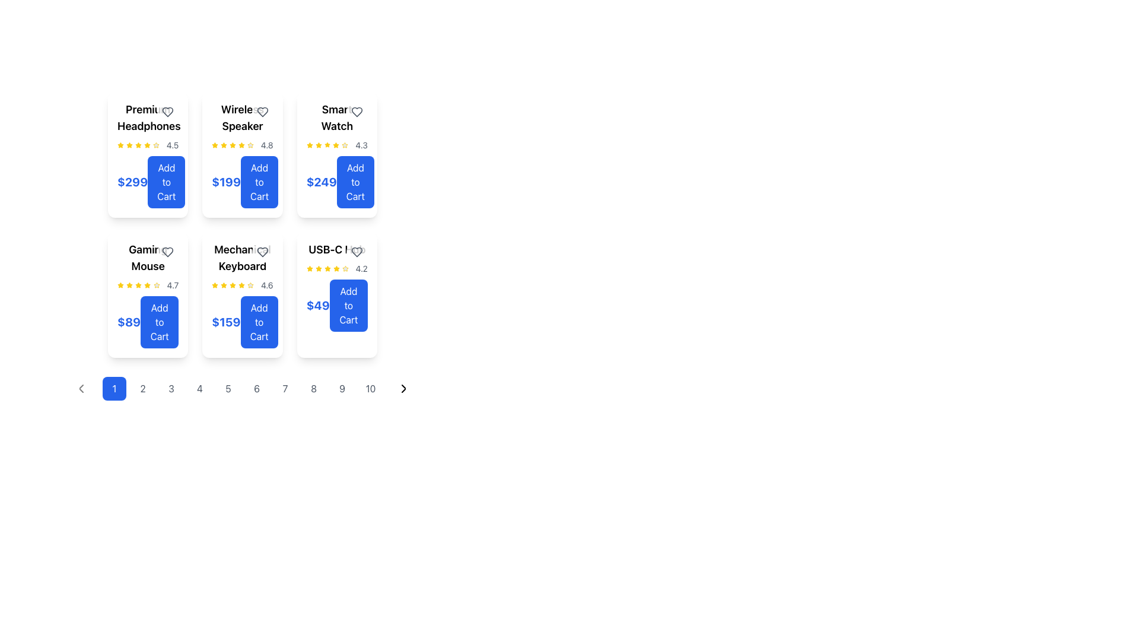 Image resolution: width=1139 pixels, height=641 pixels. What do you see at coordinates (259, 322) in the screenshot?
I see `the button located on the right side of the section displaying '$159' in bold, blue text` at bounding box center [259, 322].